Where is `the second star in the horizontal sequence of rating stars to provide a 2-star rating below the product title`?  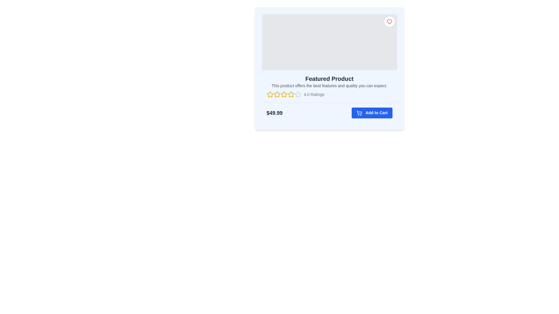 the second star in the horizontal sequence of rating stars to provide a 2-star rating below the product title is located at coordinates (284, 94).